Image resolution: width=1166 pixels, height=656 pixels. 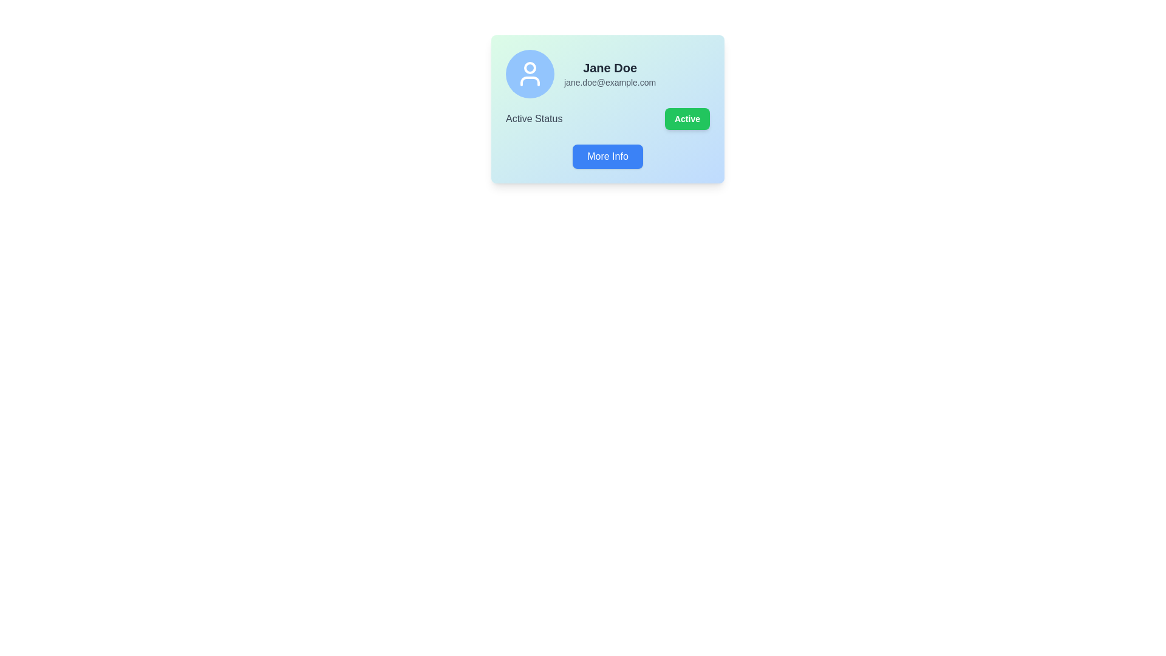 I want to click on the text label displaying 'jane.doe@example.com', which is a small gray sans-serif font located directly below the bold user name 'Jane Doe', so click(x=610, y=82).